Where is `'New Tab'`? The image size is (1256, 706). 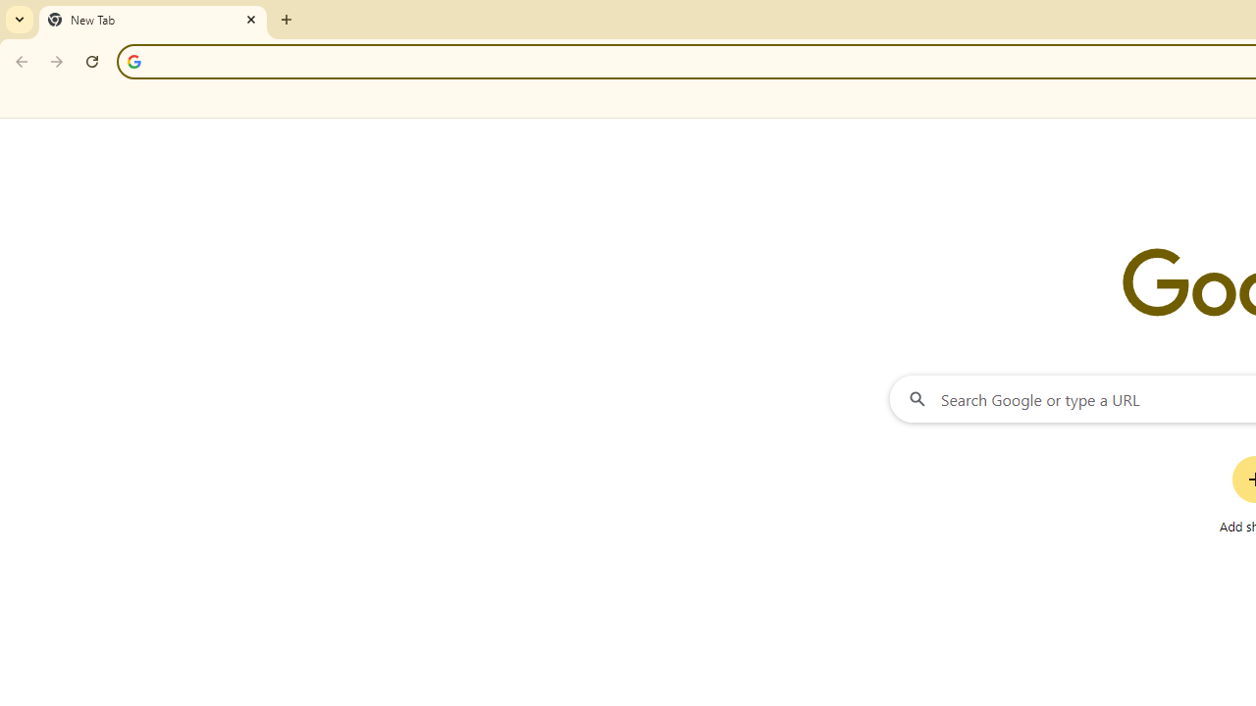 'New Tab' is located at coordinates (152, 20).